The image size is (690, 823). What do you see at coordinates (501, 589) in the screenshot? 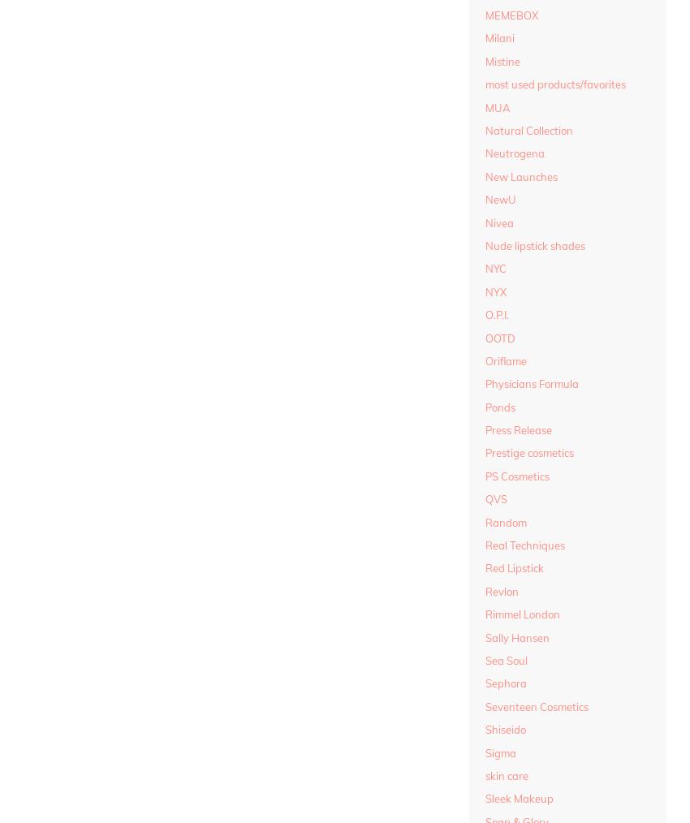
I see `'Revlon'` at bounding box center [501, 589].